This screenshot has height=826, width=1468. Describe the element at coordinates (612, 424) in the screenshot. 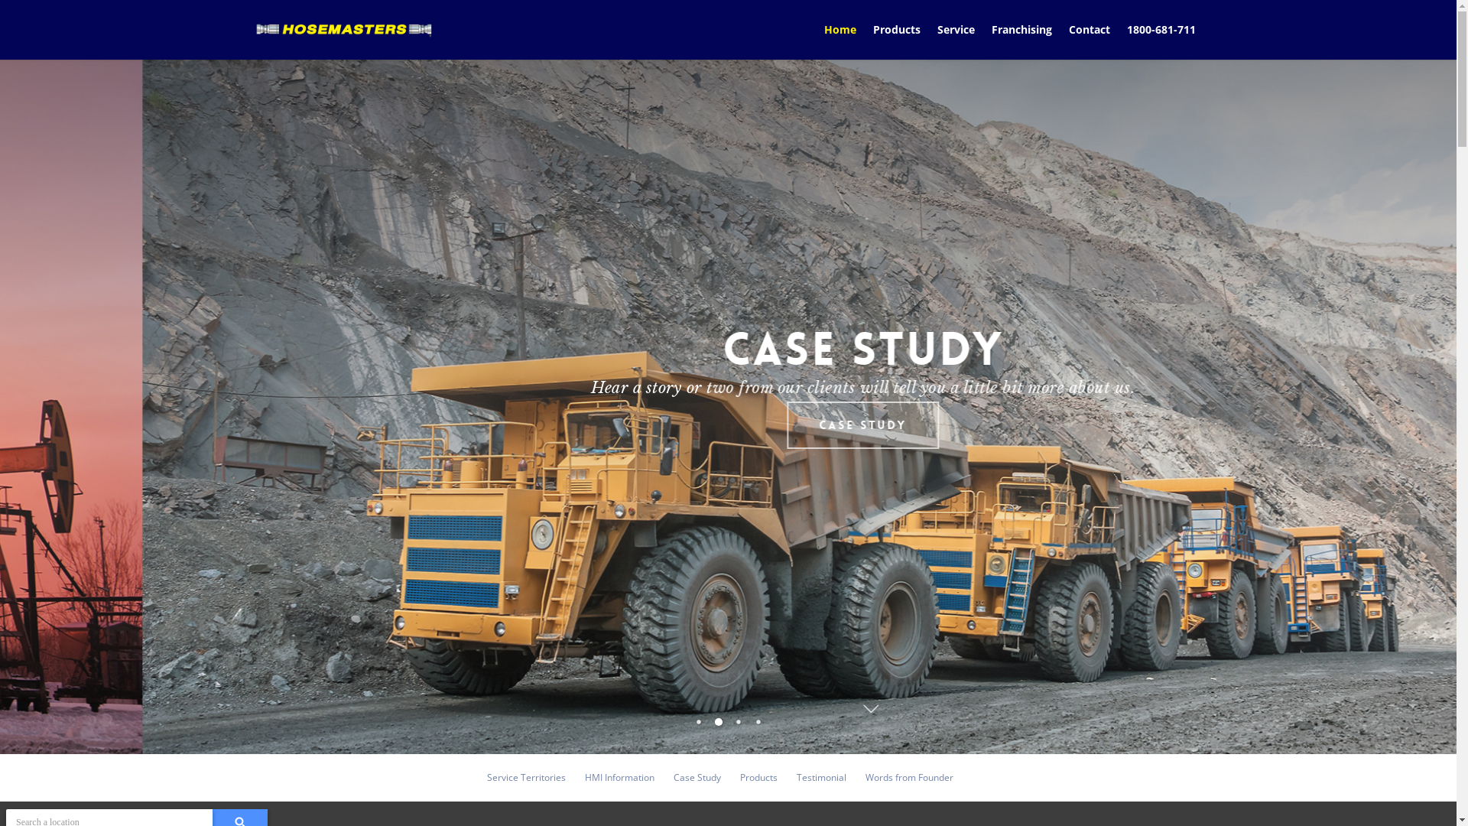

I see `'FIND A HOSEMASTER'` at that location.